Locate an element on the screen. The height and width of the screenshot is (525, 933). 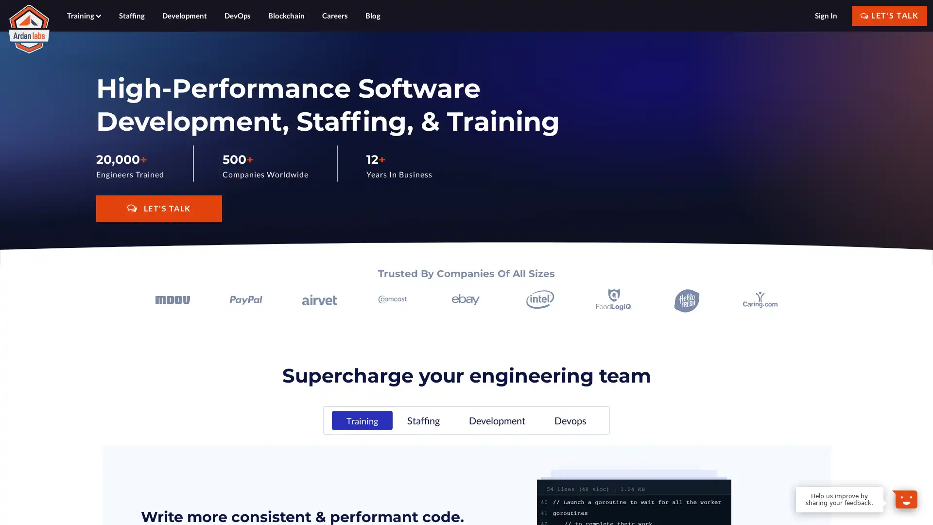
LET'S TALK is located at coordinates (158, 208).